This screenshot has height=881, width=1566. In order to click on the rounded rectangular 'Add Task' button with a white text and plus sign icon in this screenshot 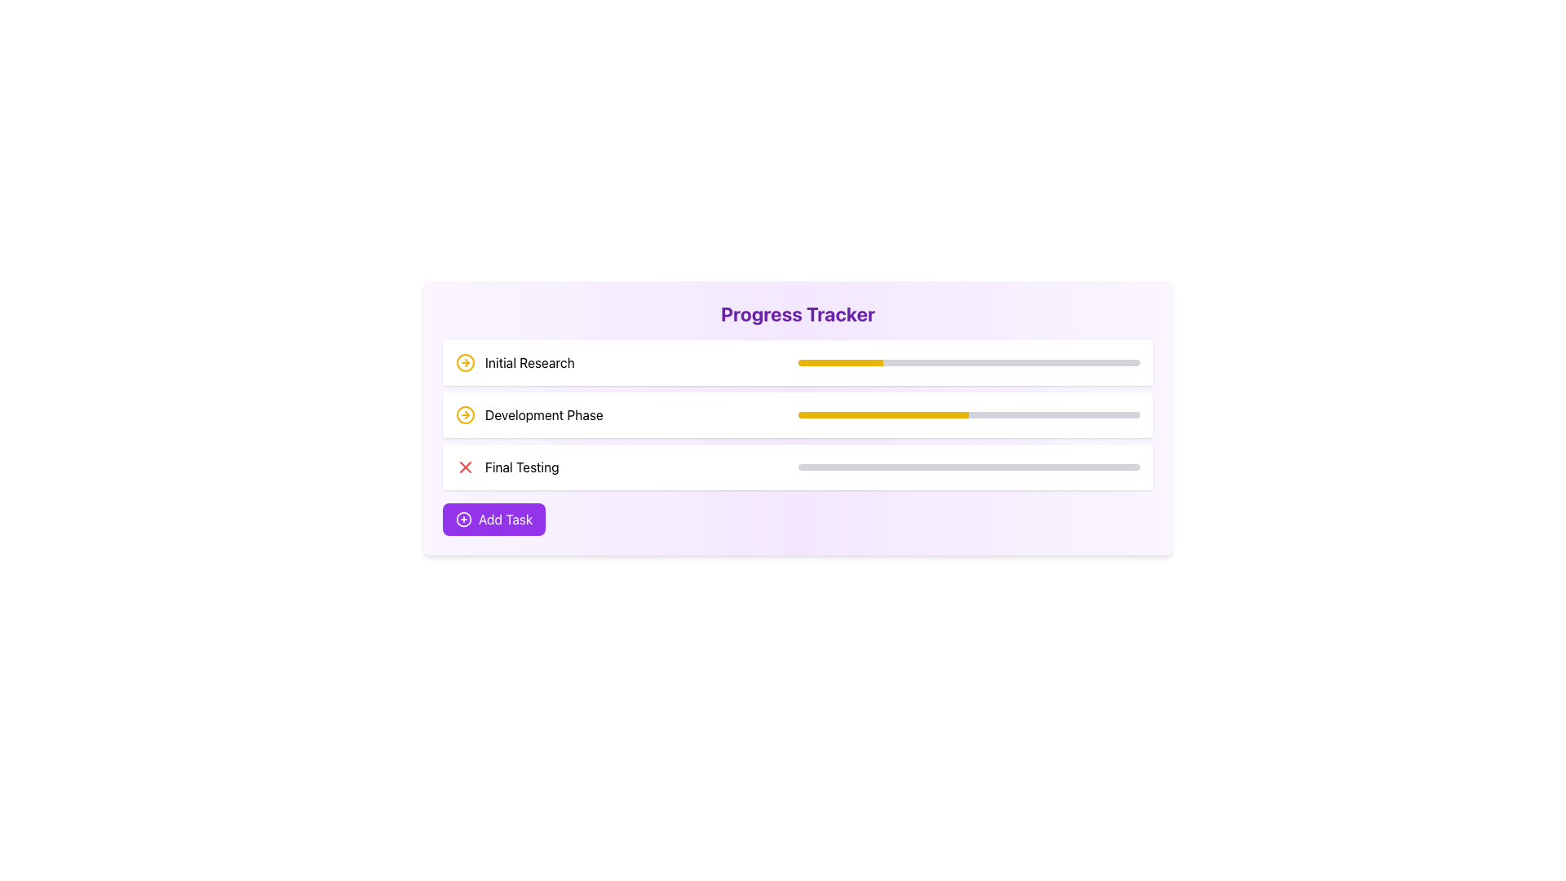, I will do `click(493, 519)`.